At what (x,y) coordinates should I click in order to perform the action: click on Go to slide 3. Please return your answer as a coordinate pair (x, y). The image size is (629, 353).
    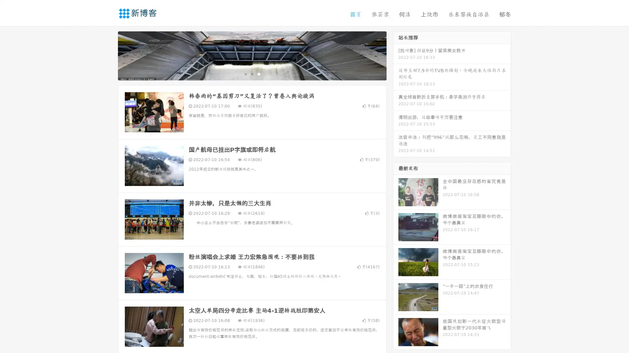
    Looking at the image, I should click on (258, 74).